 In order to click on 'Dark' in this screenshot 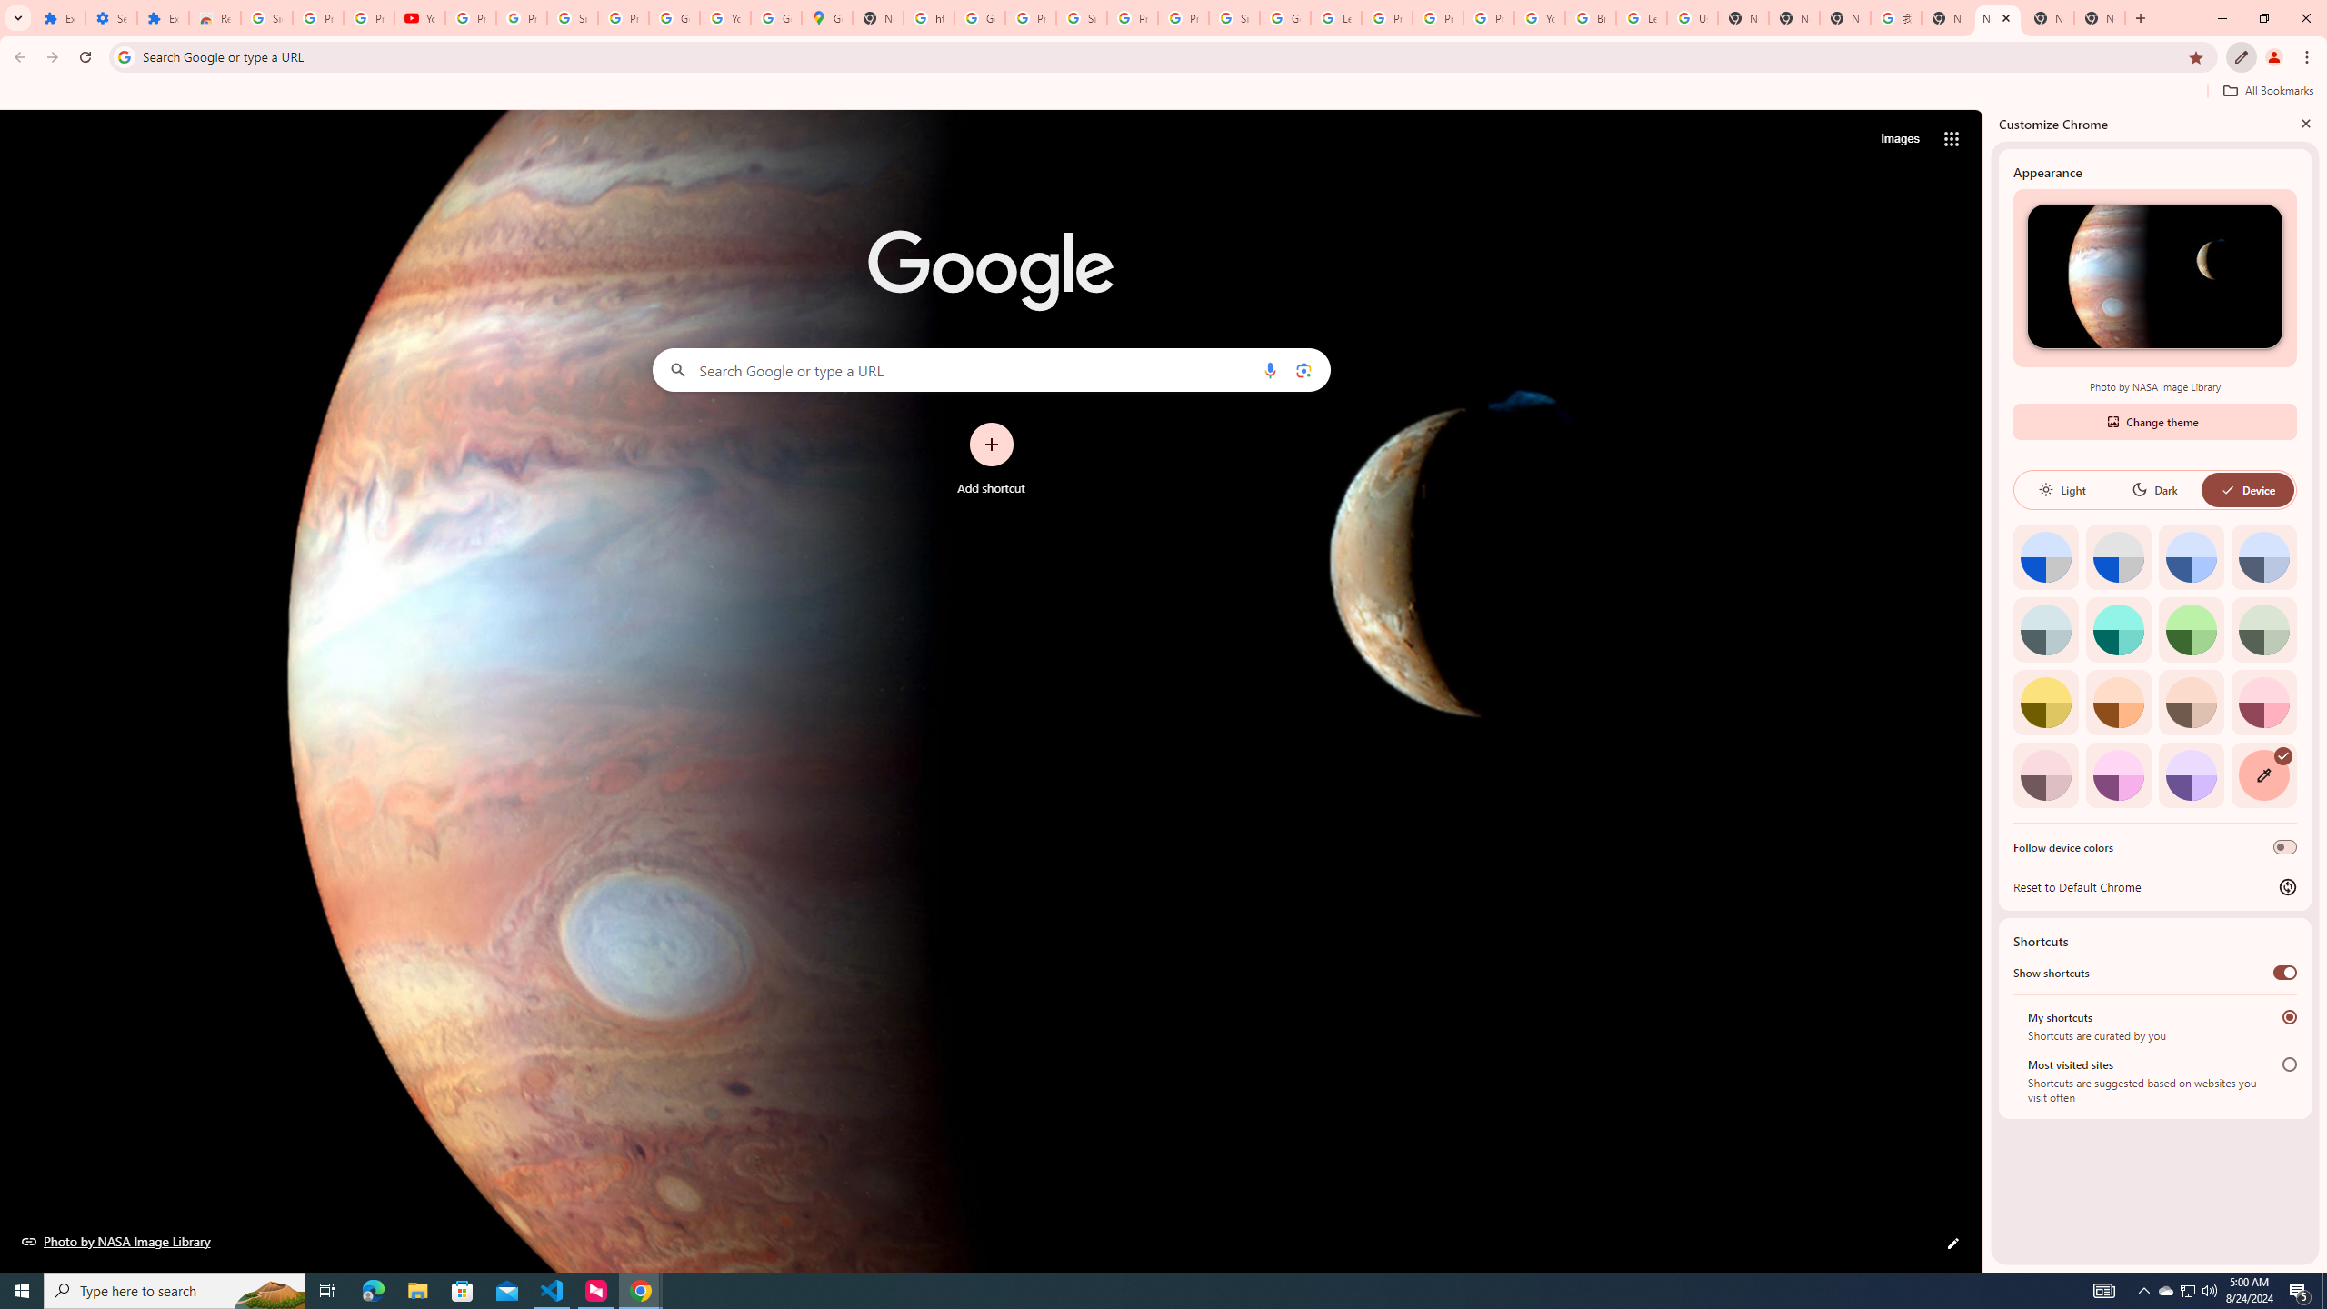, I will do `click(2153, 488)`.